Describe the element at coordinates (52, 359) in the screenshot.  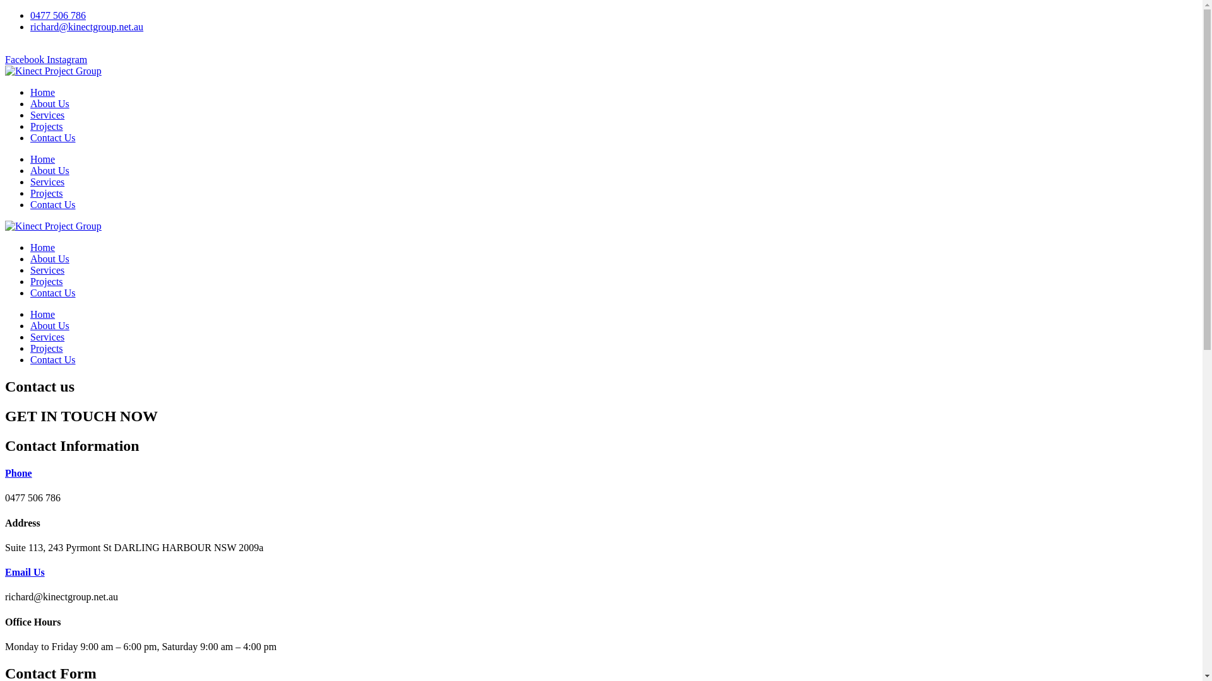
I see `'Contact Us'` at that location.